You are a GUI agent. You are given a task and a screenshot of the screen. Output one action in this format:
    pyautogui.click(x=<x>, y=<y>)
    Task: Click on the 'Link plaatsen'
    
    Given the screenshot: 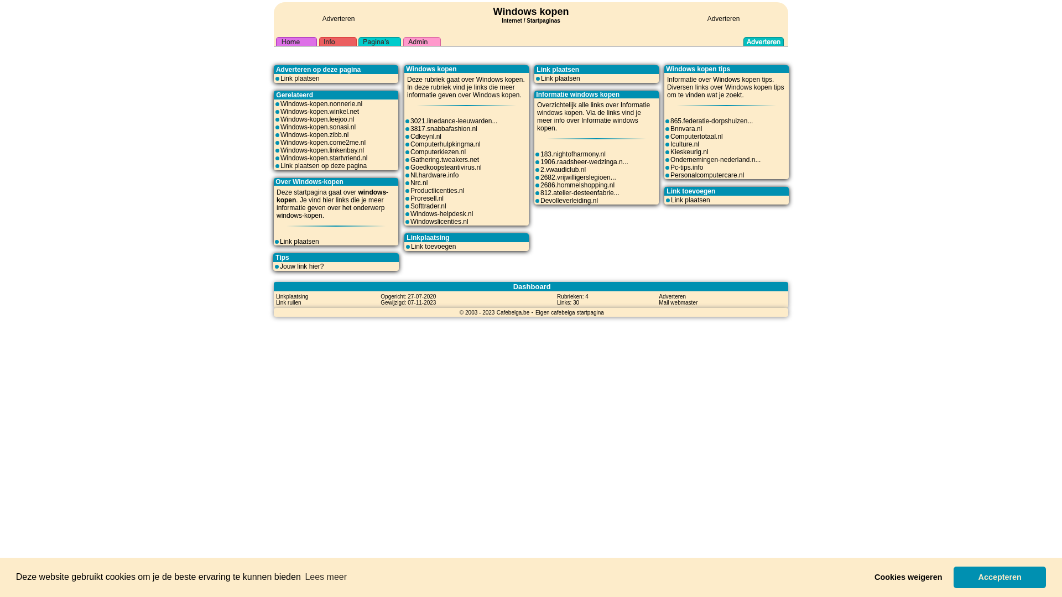 What is the action you would take?
    pyautogui.click(x=279, y=240)
    